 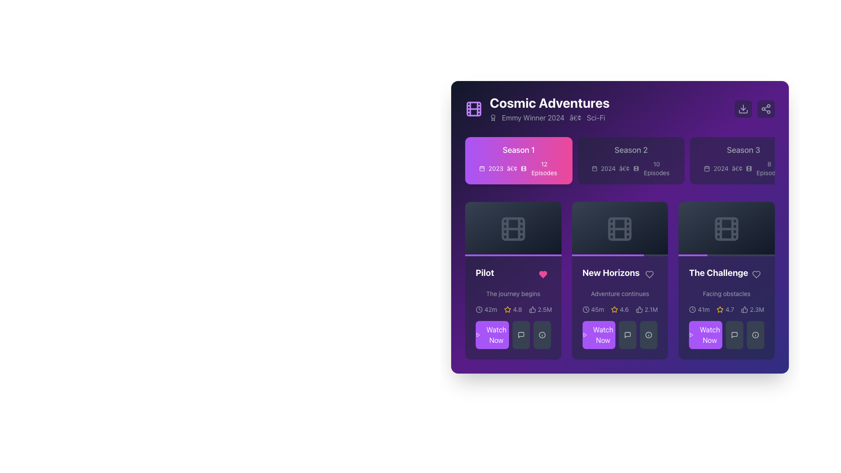 What do you see at coordinates (756, 309) in the screenshot?
I see `the text label indicating the number of likes located at the bottom portion of 'The Challenge' card, next to the thumbs-up icon` at bounding box center [756, 309].